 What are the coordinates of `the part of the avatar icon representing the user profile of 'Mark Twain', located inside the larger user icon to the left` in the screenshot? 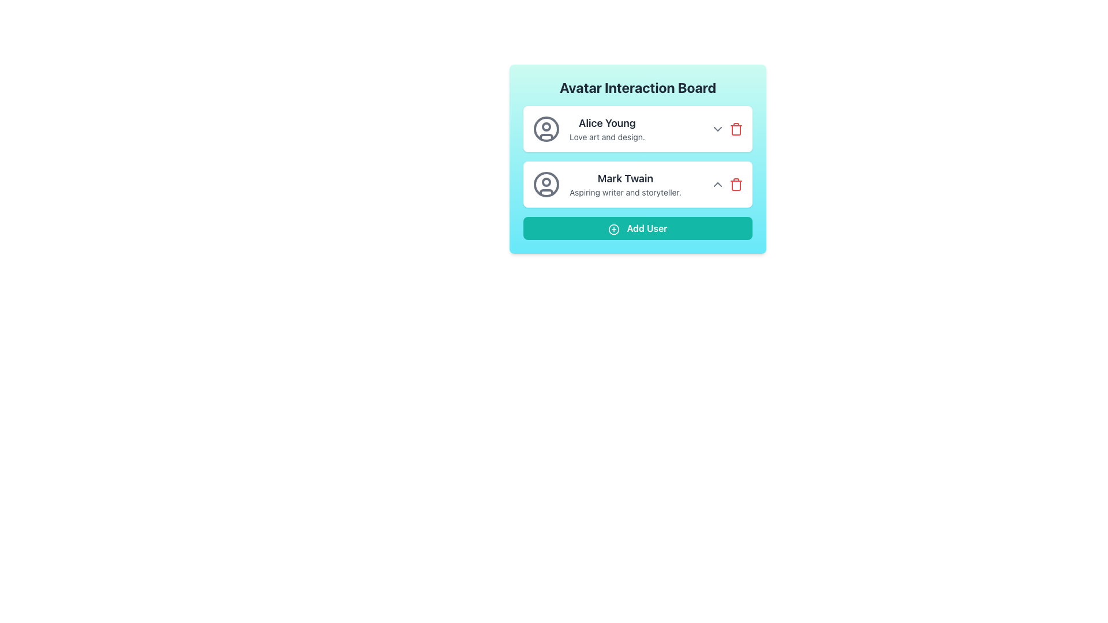 It's located at (545, 182).